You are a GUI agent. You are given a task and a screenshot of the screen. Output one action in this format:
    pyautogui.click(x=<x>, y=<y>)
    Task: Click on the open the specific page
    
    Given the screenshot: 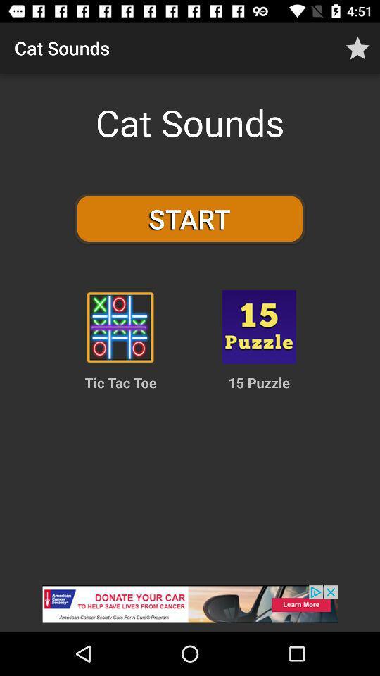 What is the action you would take?
    pyautogui.click(x=258, y=327)
    